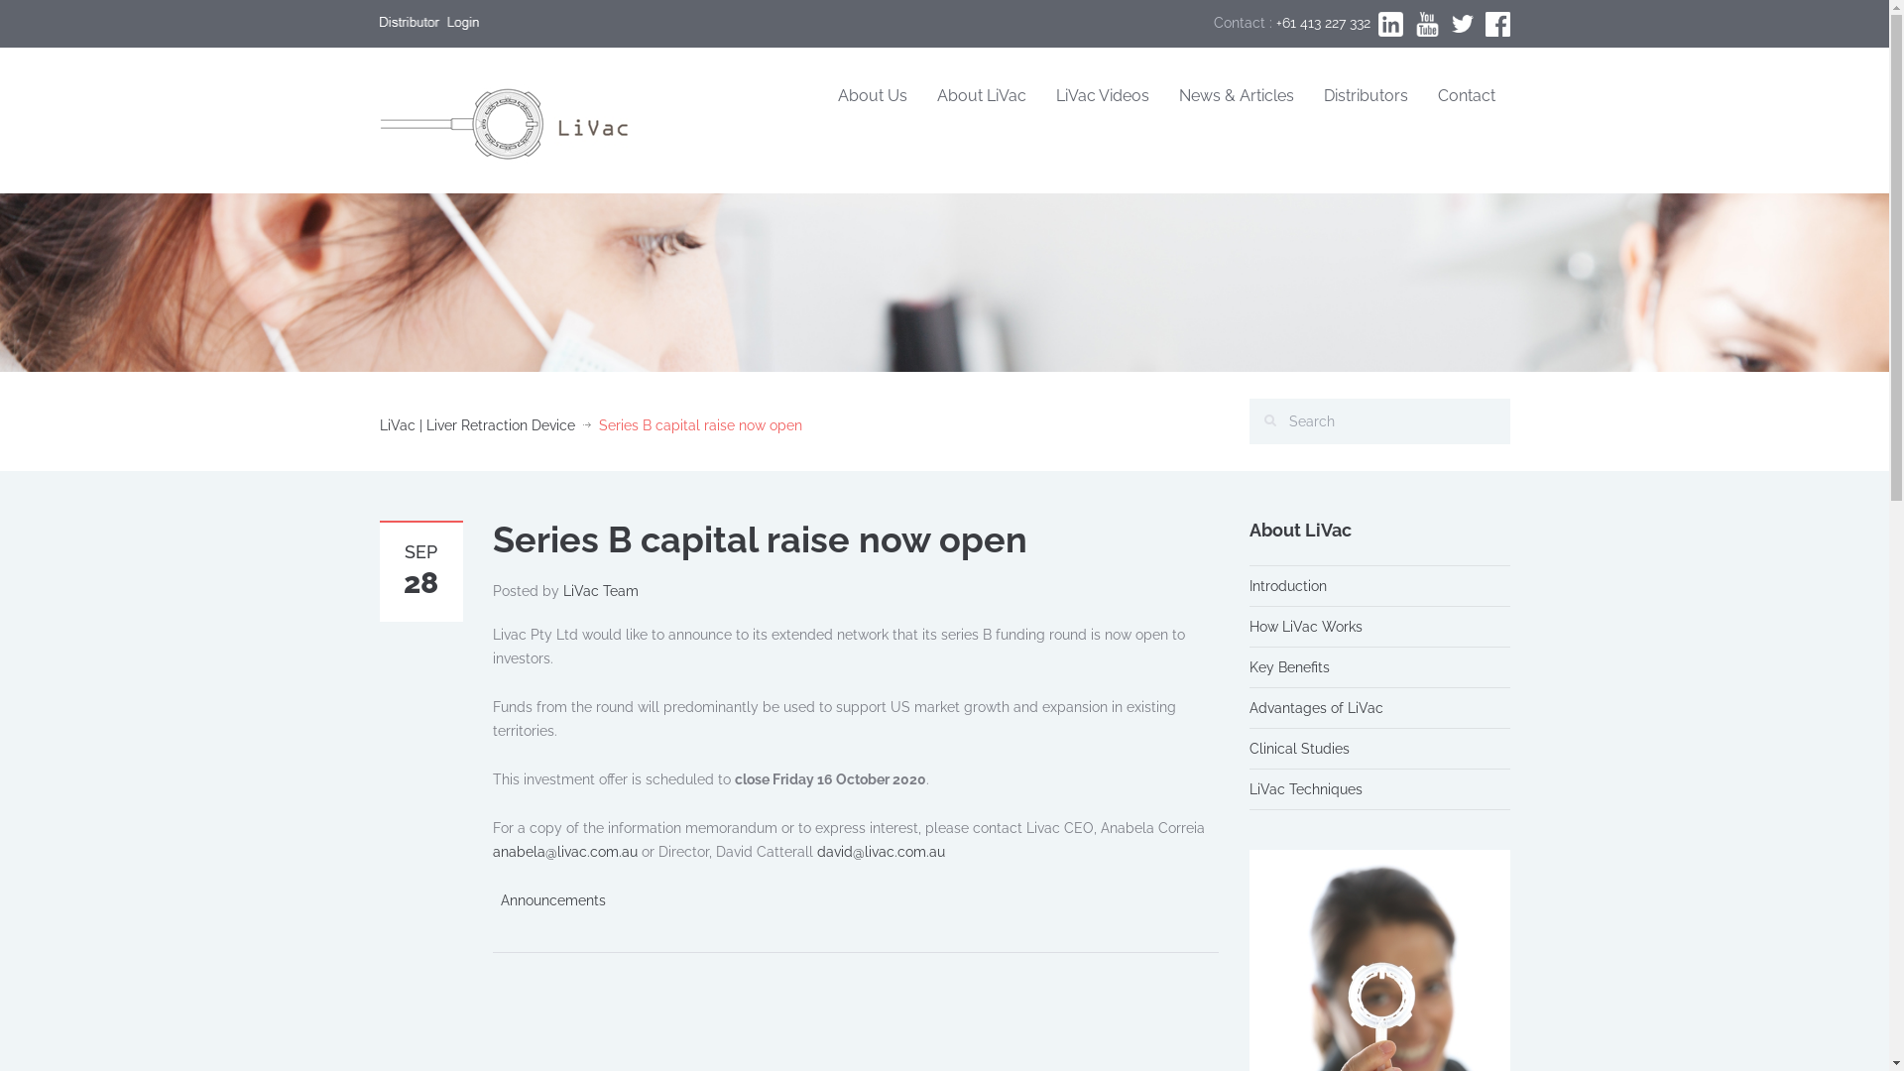  What do you see at coordinates (1305, 787) in the screenshot?
I see `'LiVac Techniques'` at bounding box center [1305, 787].